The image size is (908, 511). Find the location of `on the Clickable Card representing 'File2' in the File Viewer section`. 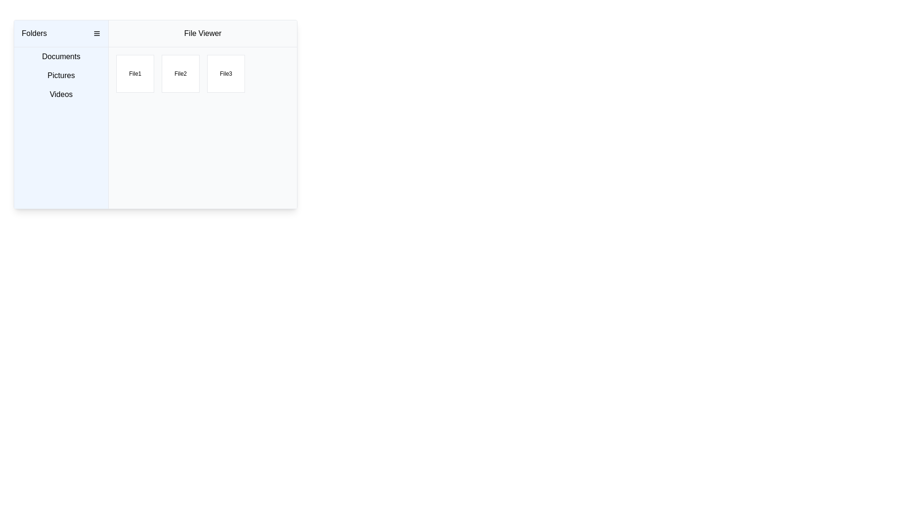

on the Clickable Card representing 'File2' in the File Viewer section is located at coordinates (181, 73).